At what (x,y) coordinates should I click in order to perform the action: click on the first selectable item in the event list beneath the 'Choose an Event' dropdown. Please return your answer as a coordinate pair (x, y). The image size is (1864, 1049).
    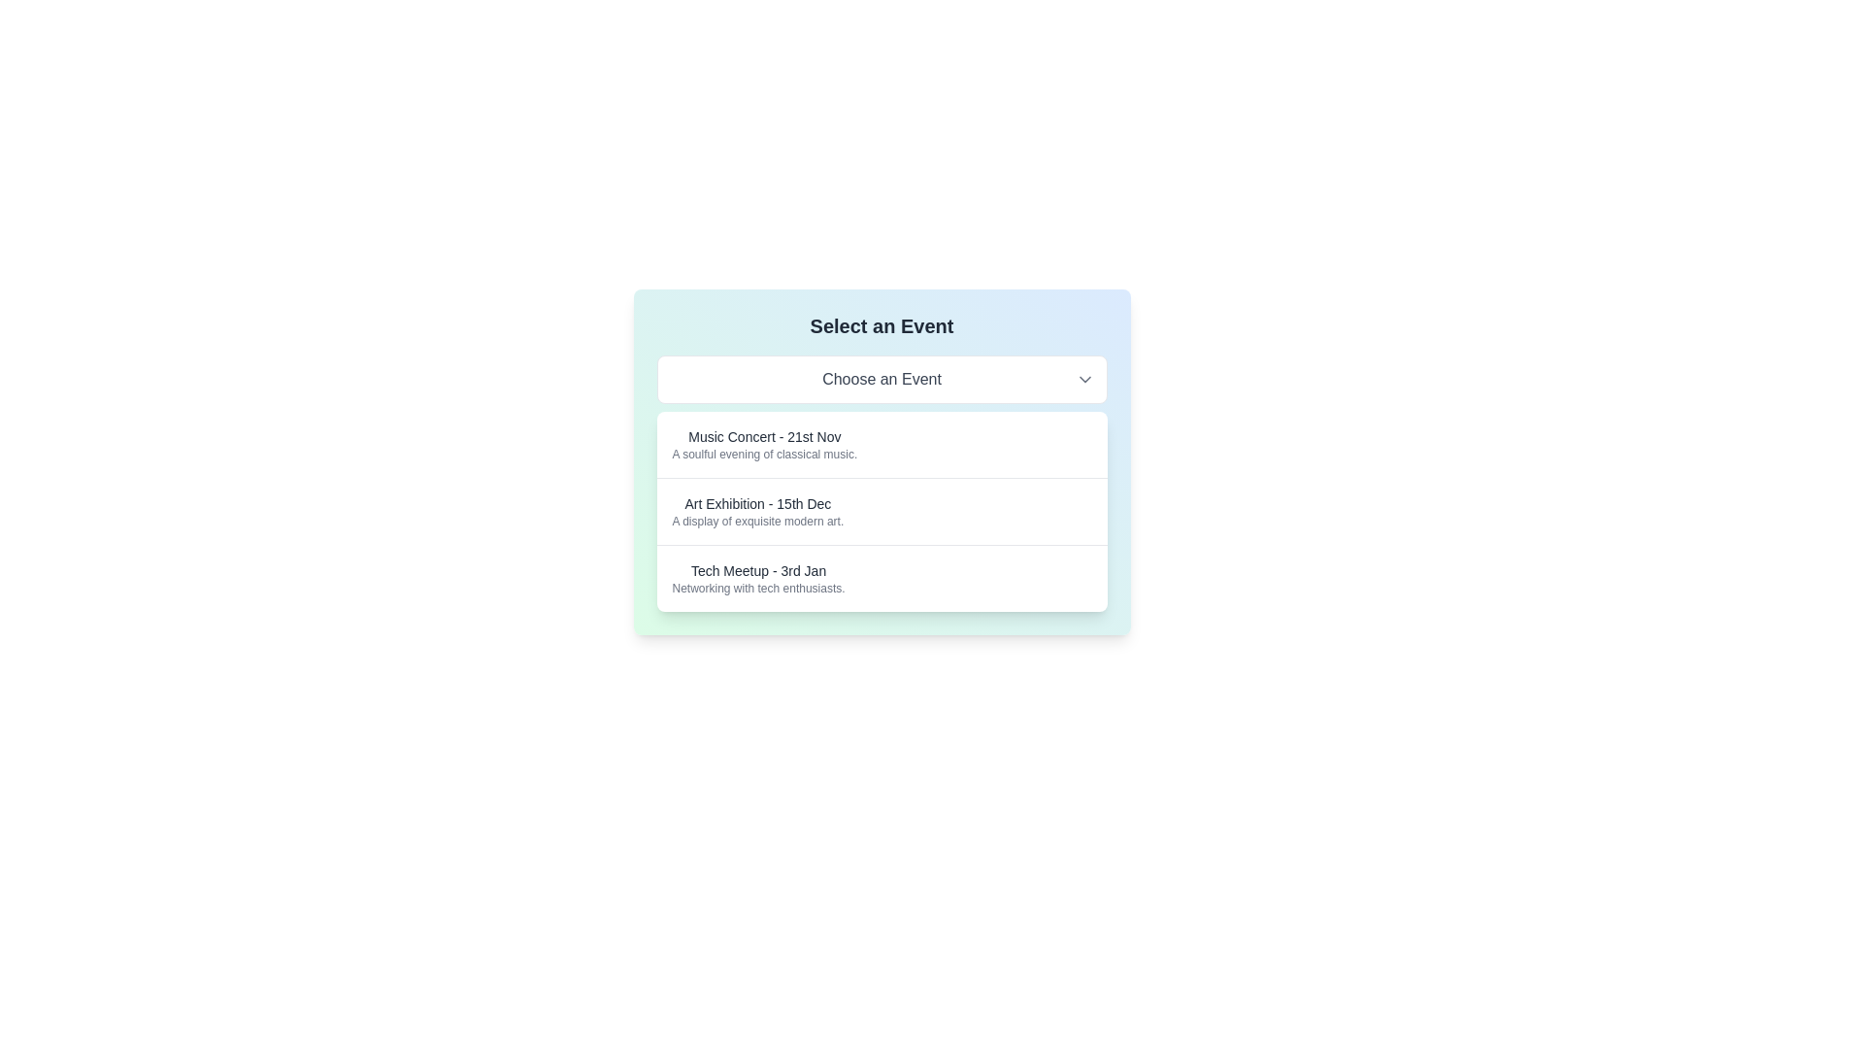
    Looking at the image, I should click on (881, 461).